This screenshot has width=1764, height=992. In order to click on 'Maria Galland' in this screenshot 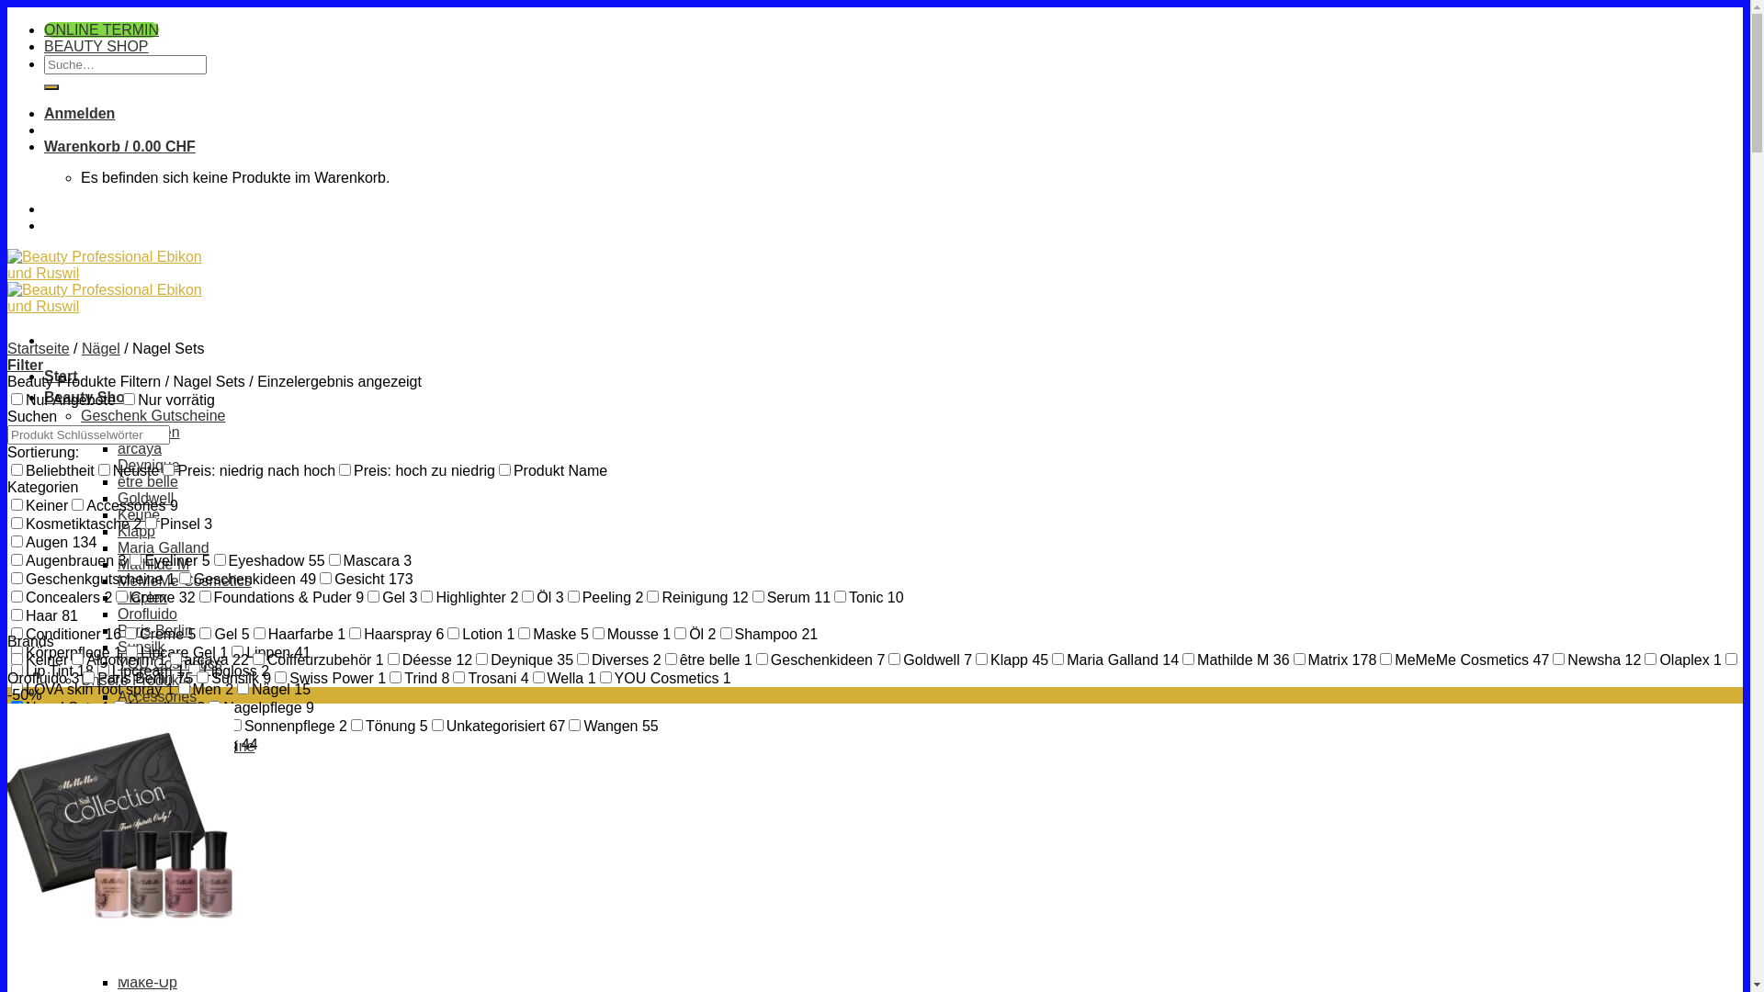, I will do `click(163, 547)`.